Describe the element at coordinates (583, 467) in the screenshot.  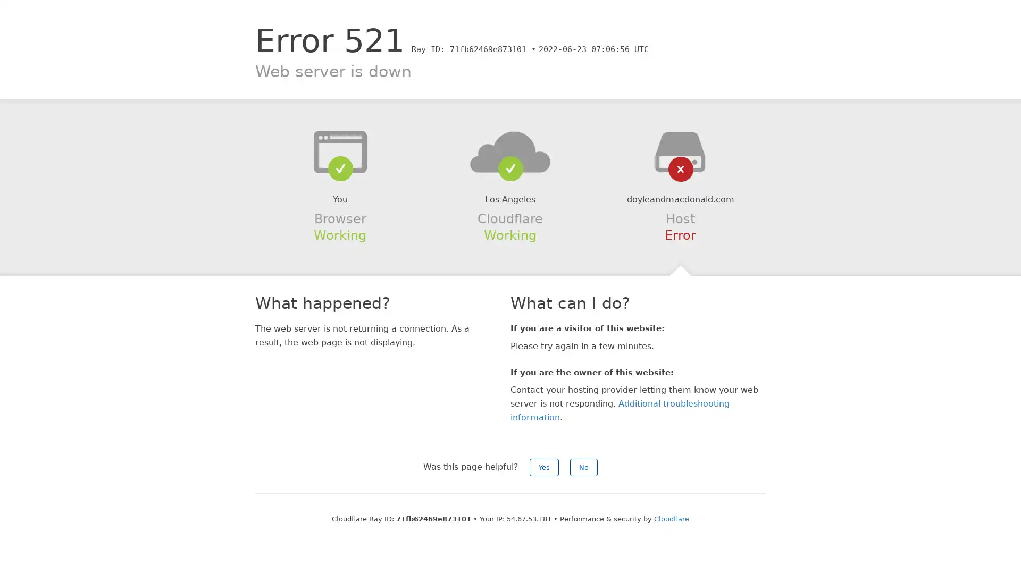
I see `No` at that location.